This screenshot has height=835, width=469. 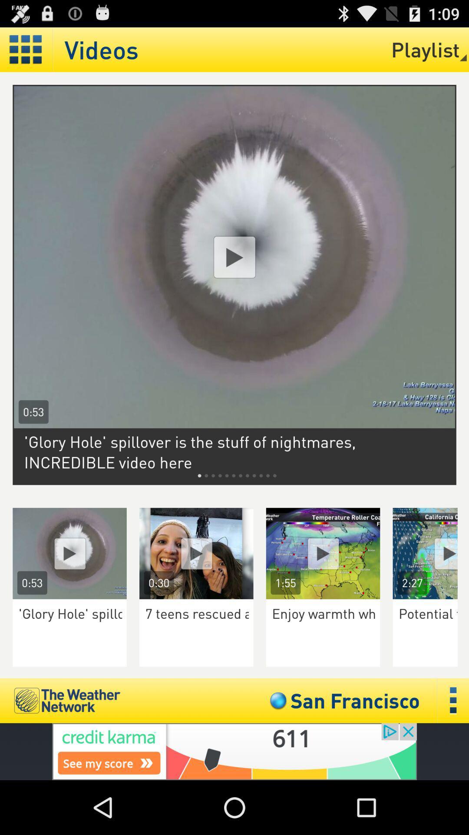 I want to click on click in three dots to open menu, so click(x=453, y=701).